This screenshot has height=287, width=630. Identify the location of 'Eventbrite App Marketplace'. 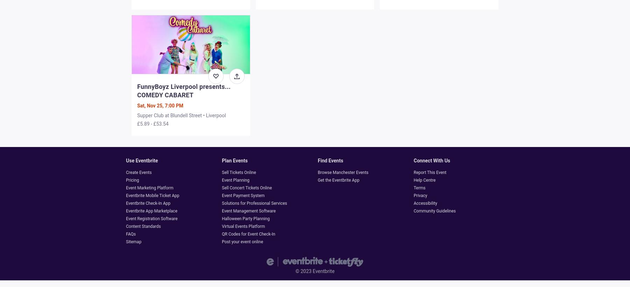
(152, 211).